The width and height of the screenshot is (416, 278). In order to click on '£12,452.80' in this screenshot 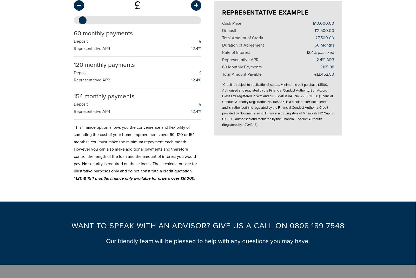, I will do `click(324, 72)`.